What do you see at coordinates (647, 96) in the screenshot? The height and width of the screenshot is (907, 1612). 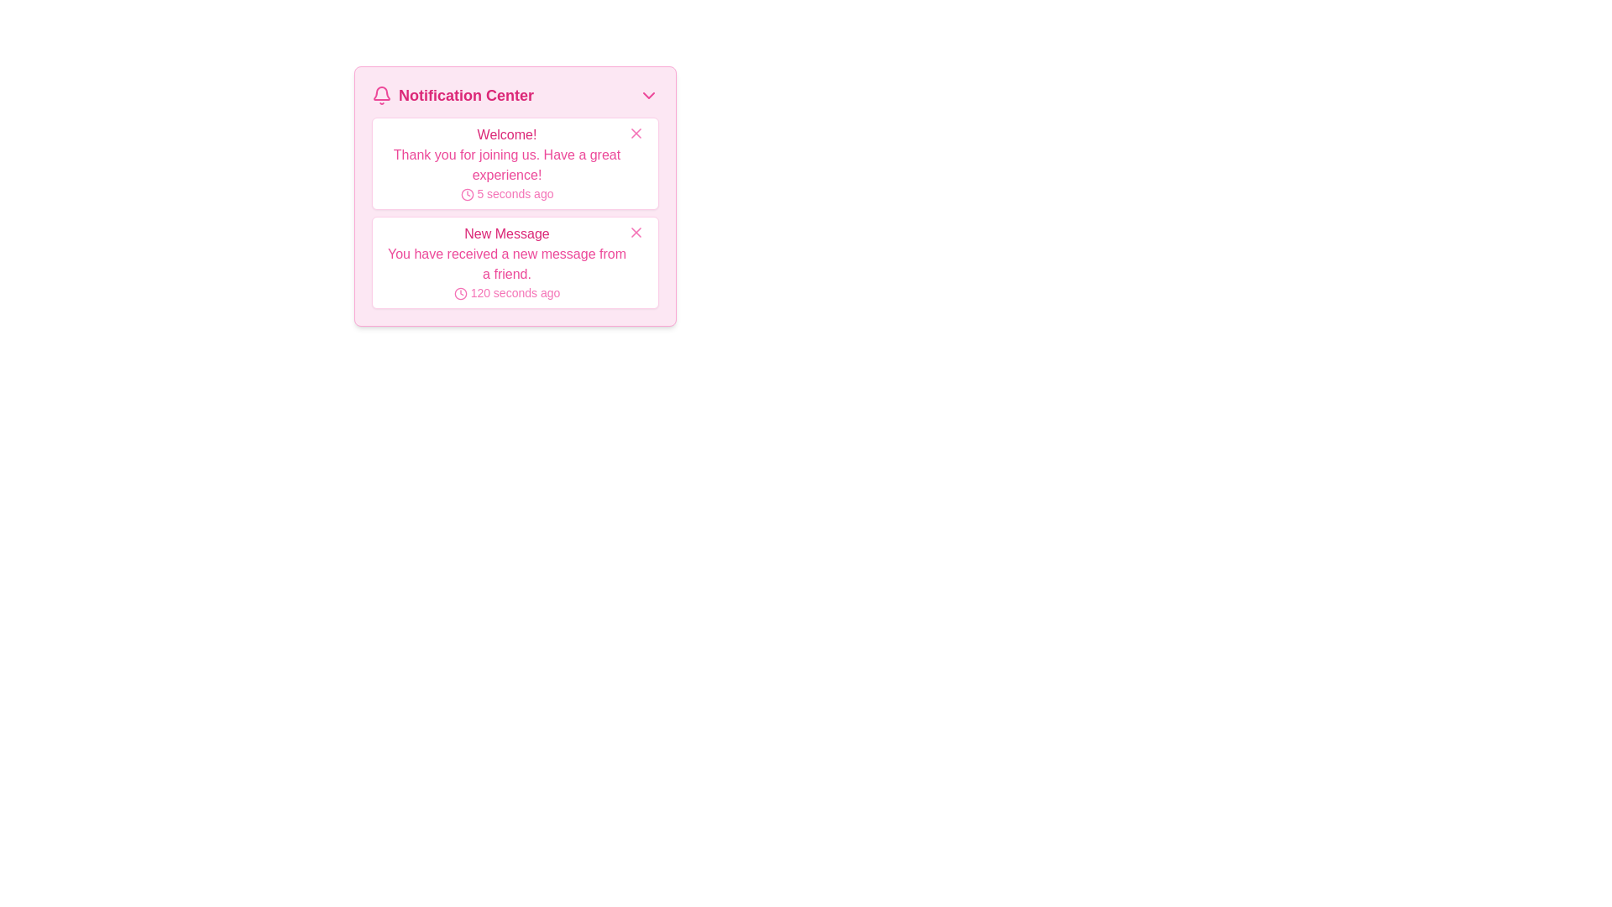 I see `the pink downward-pointing chevron icon located on the rightmost side of the 'Notification Center' header` at bounding box center [647, 96].